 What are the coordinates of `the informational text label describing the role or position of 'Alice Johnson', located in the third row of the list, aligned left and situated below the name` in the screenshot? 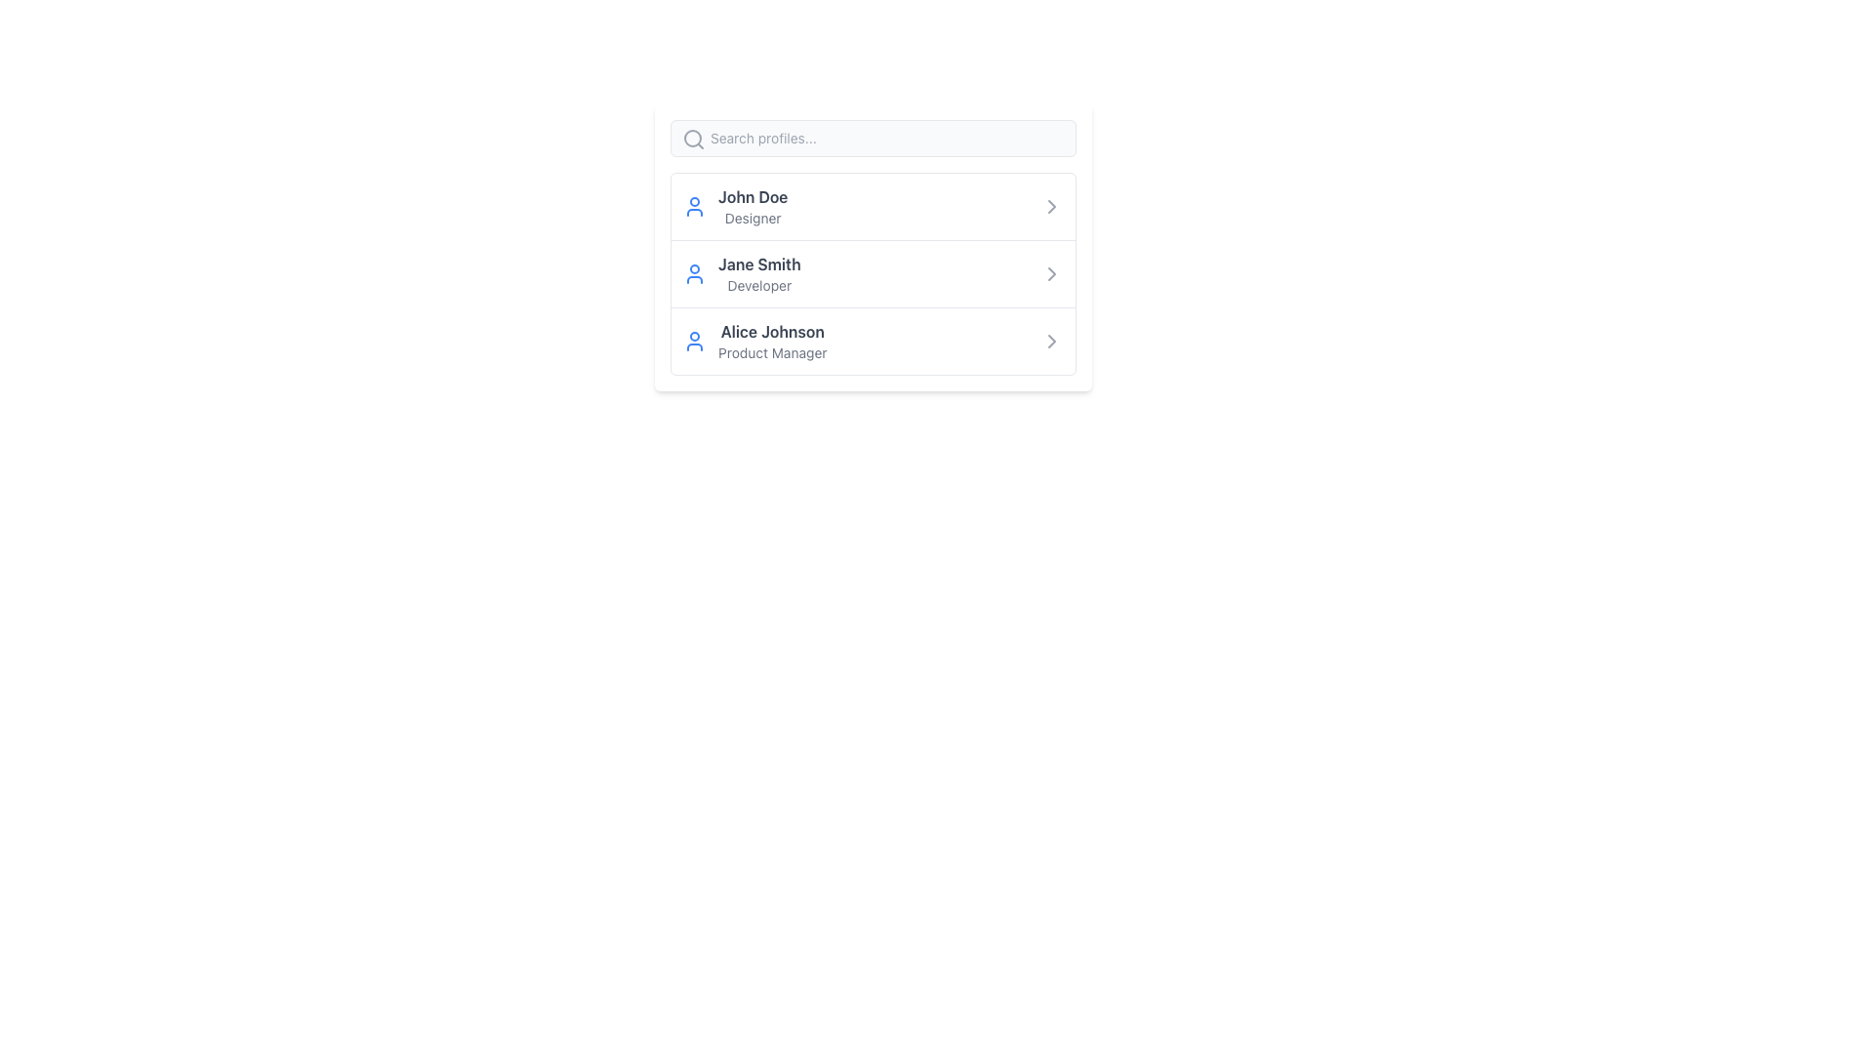 It's located at (771, 353).